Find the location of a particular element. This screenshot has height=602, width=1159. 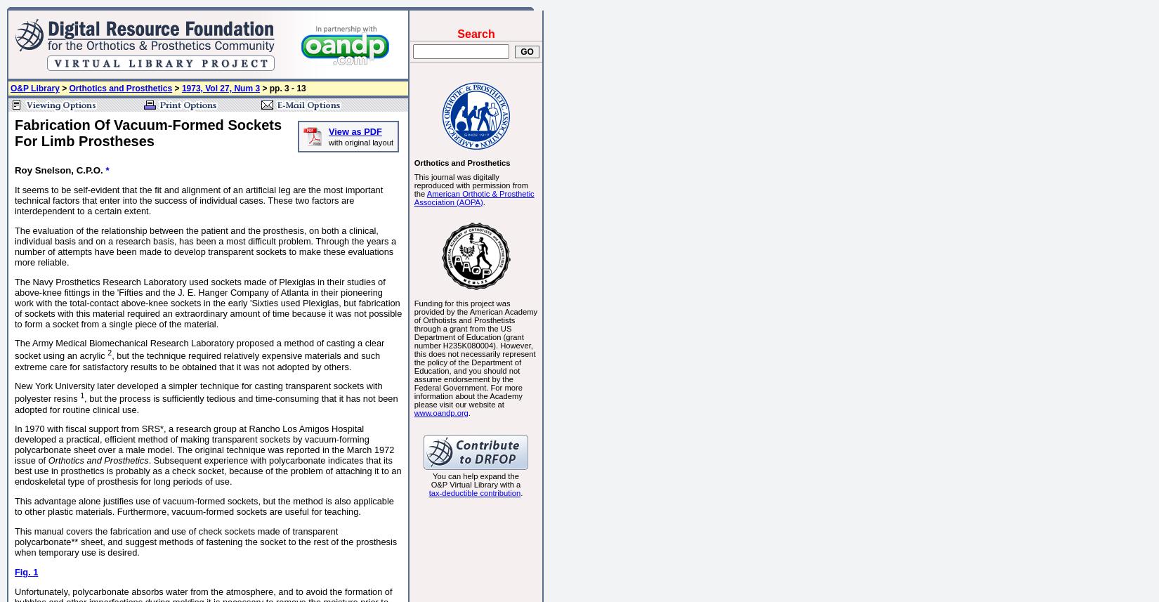

'The Army Medical Biomechanical Research Laboratory proposed a method of casting a clear socket using an acrylic' is located at coordinates (199, 349).